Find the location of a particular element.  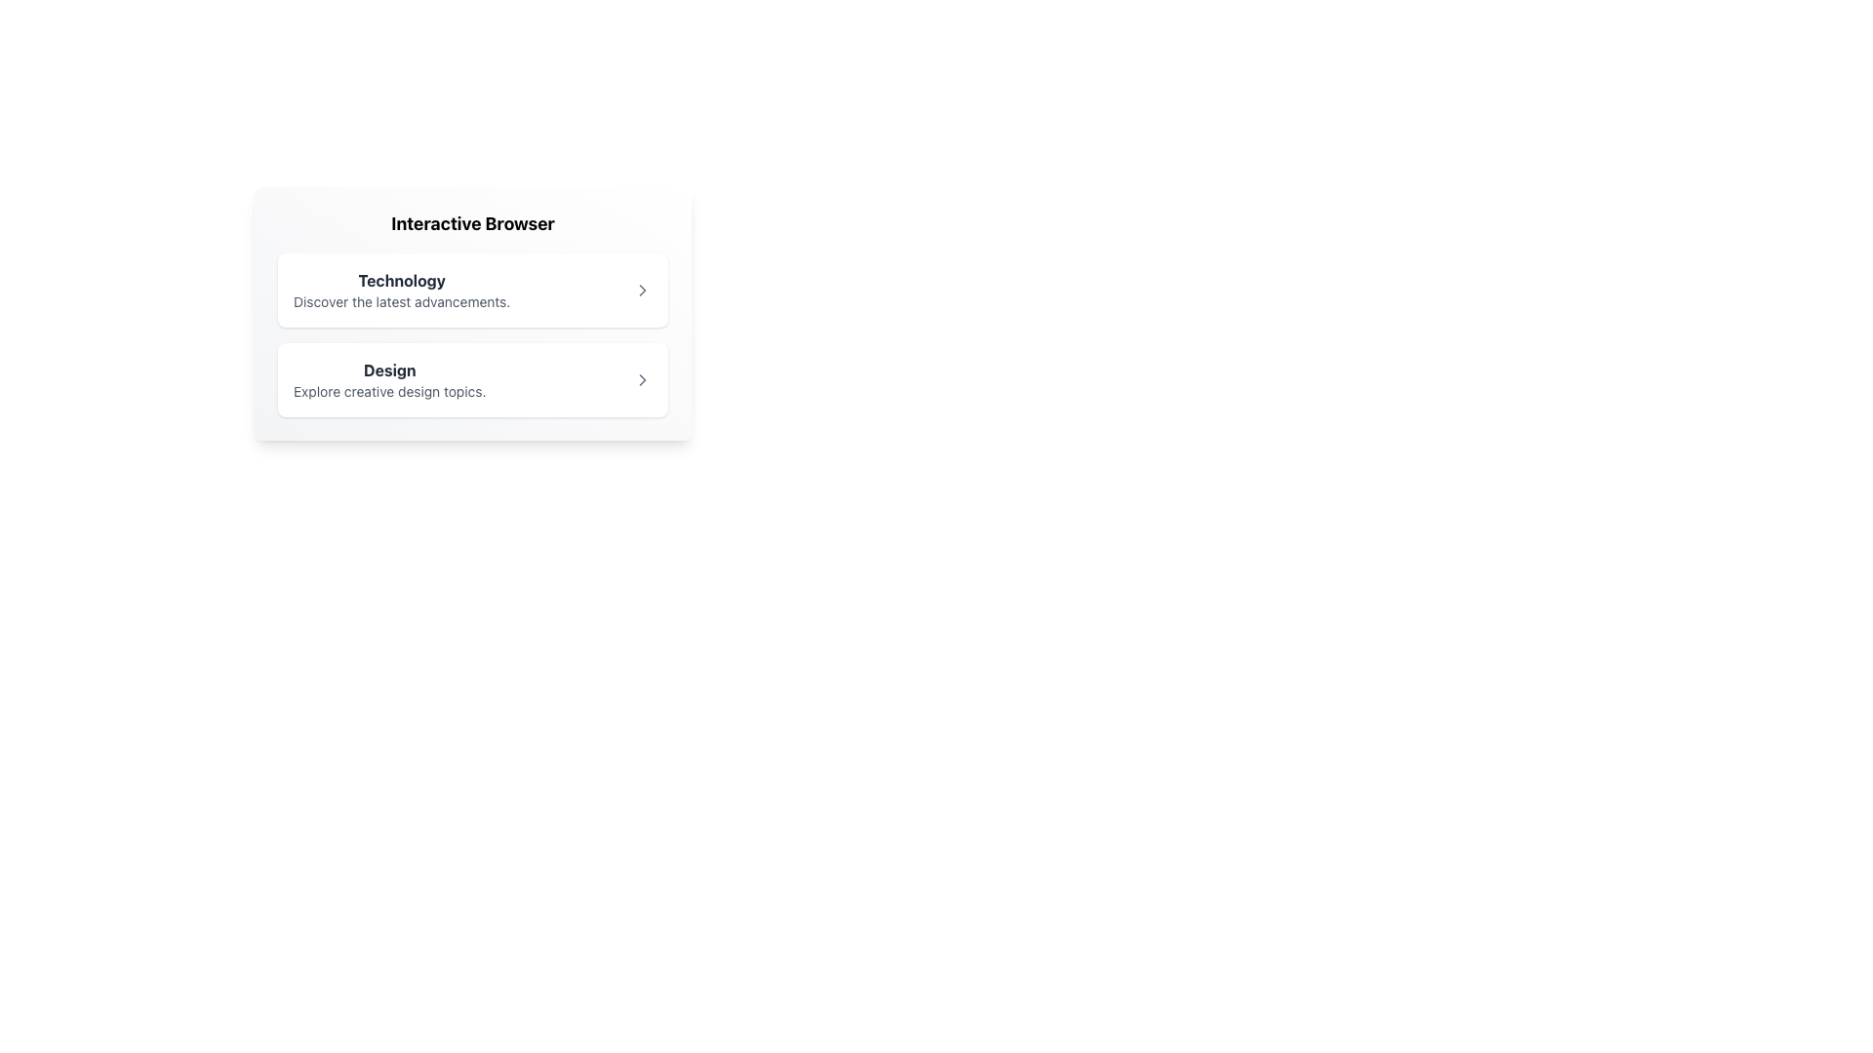

the navigational entry for the 'Design' category, located below the 'Technology' section in the middle portion of the interface is located at coordinates (389, 379).